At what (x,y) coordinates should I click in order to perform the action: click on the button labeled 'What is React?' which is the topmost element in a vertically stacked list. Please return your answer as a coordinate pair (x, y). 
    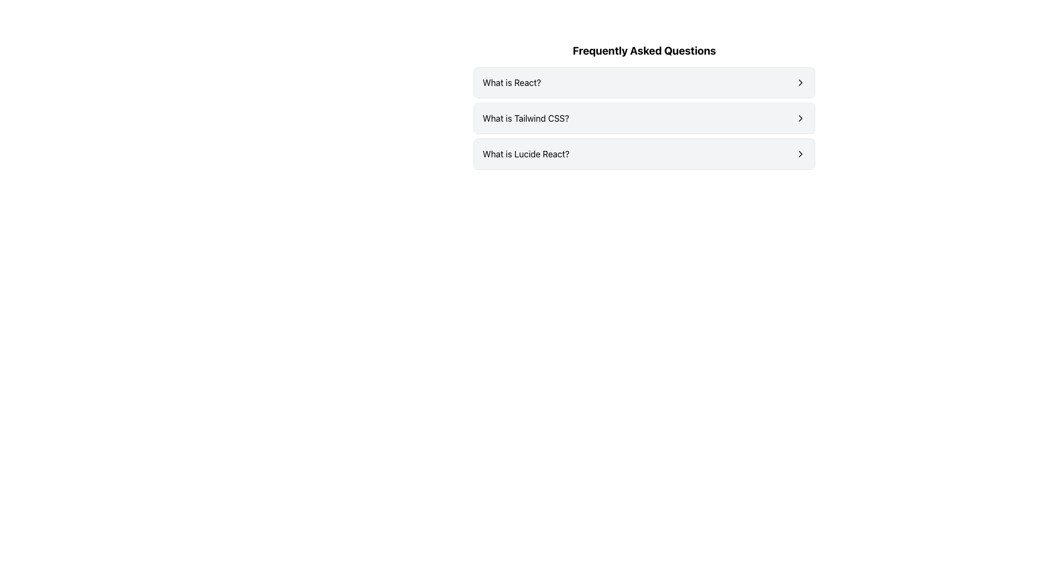
    Looking at the image, I should click on (644, 82).